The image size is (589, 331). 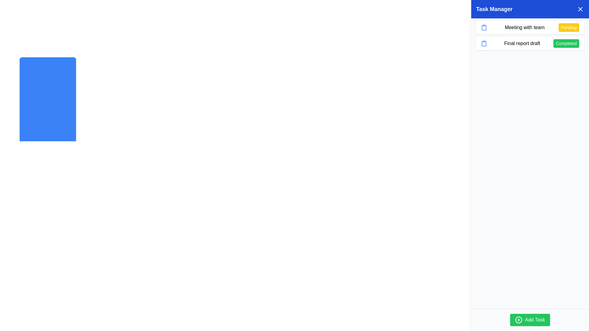 What do you see at coordinates (484, 27) in the screenshot?
I see `the blue clipboard-shaped icon located at the leftmost side of the text 'Meeting with team' in the task list` at bounding box center [484, 27].